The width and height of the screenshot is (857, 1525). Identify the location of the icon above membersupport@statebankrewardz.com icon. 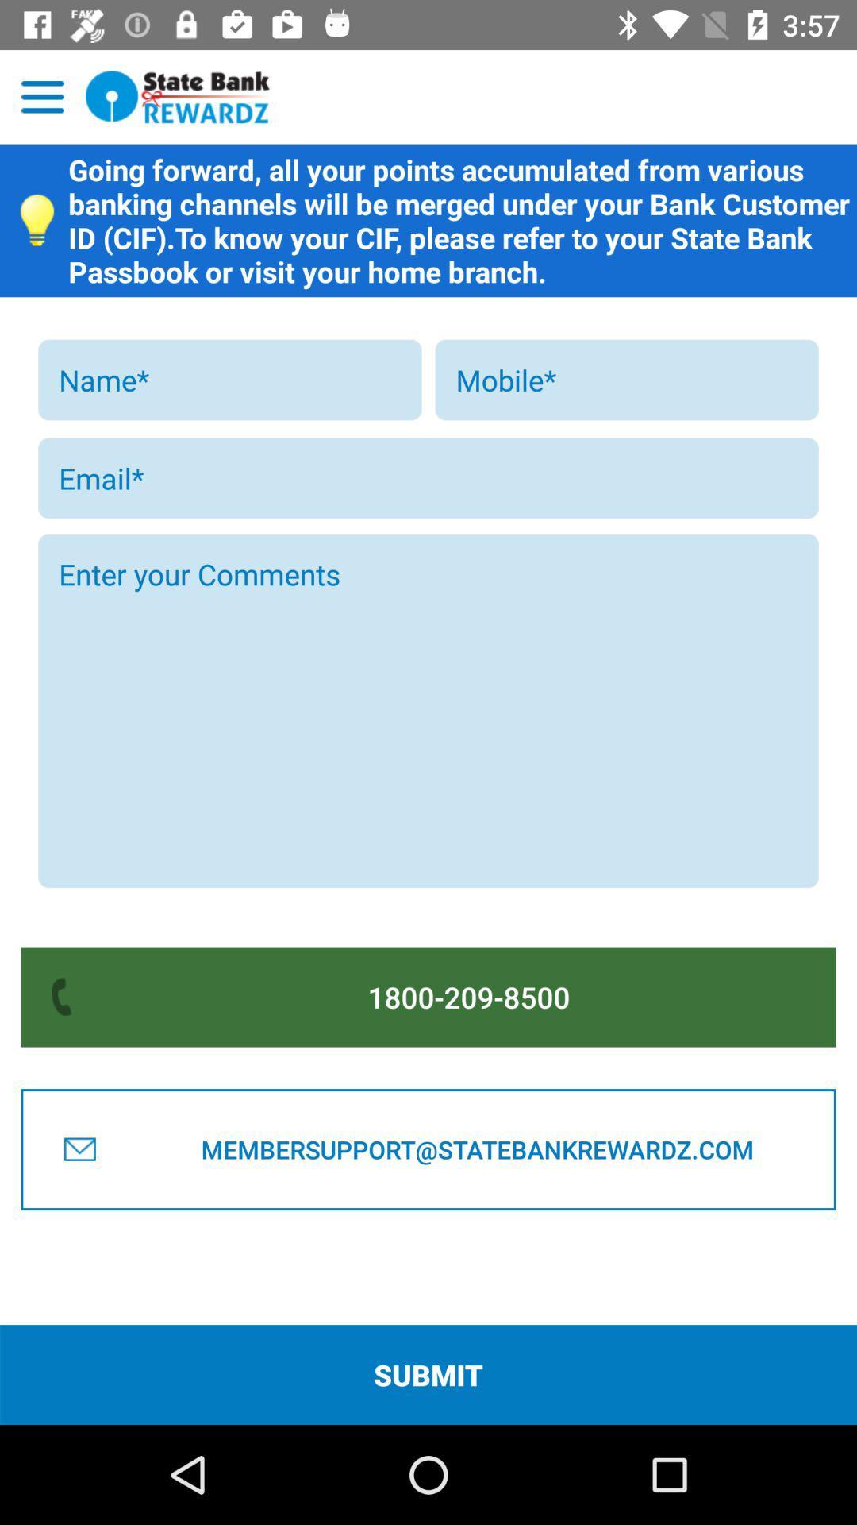
(468, 996).